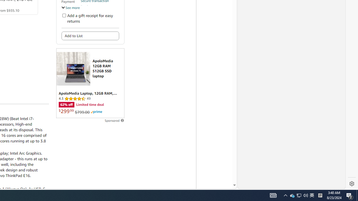  What do you see at coordinates (96, 112) in the screenshot?
I see `'Prime'` at bounding box center [96, 112].